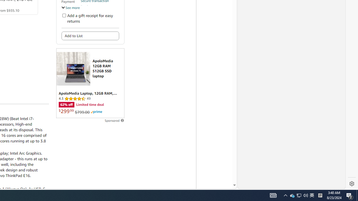  What do you see at coordinates (96, 112) in the screenshot?
I see `'Prime'` at bounding box center [96, 112].